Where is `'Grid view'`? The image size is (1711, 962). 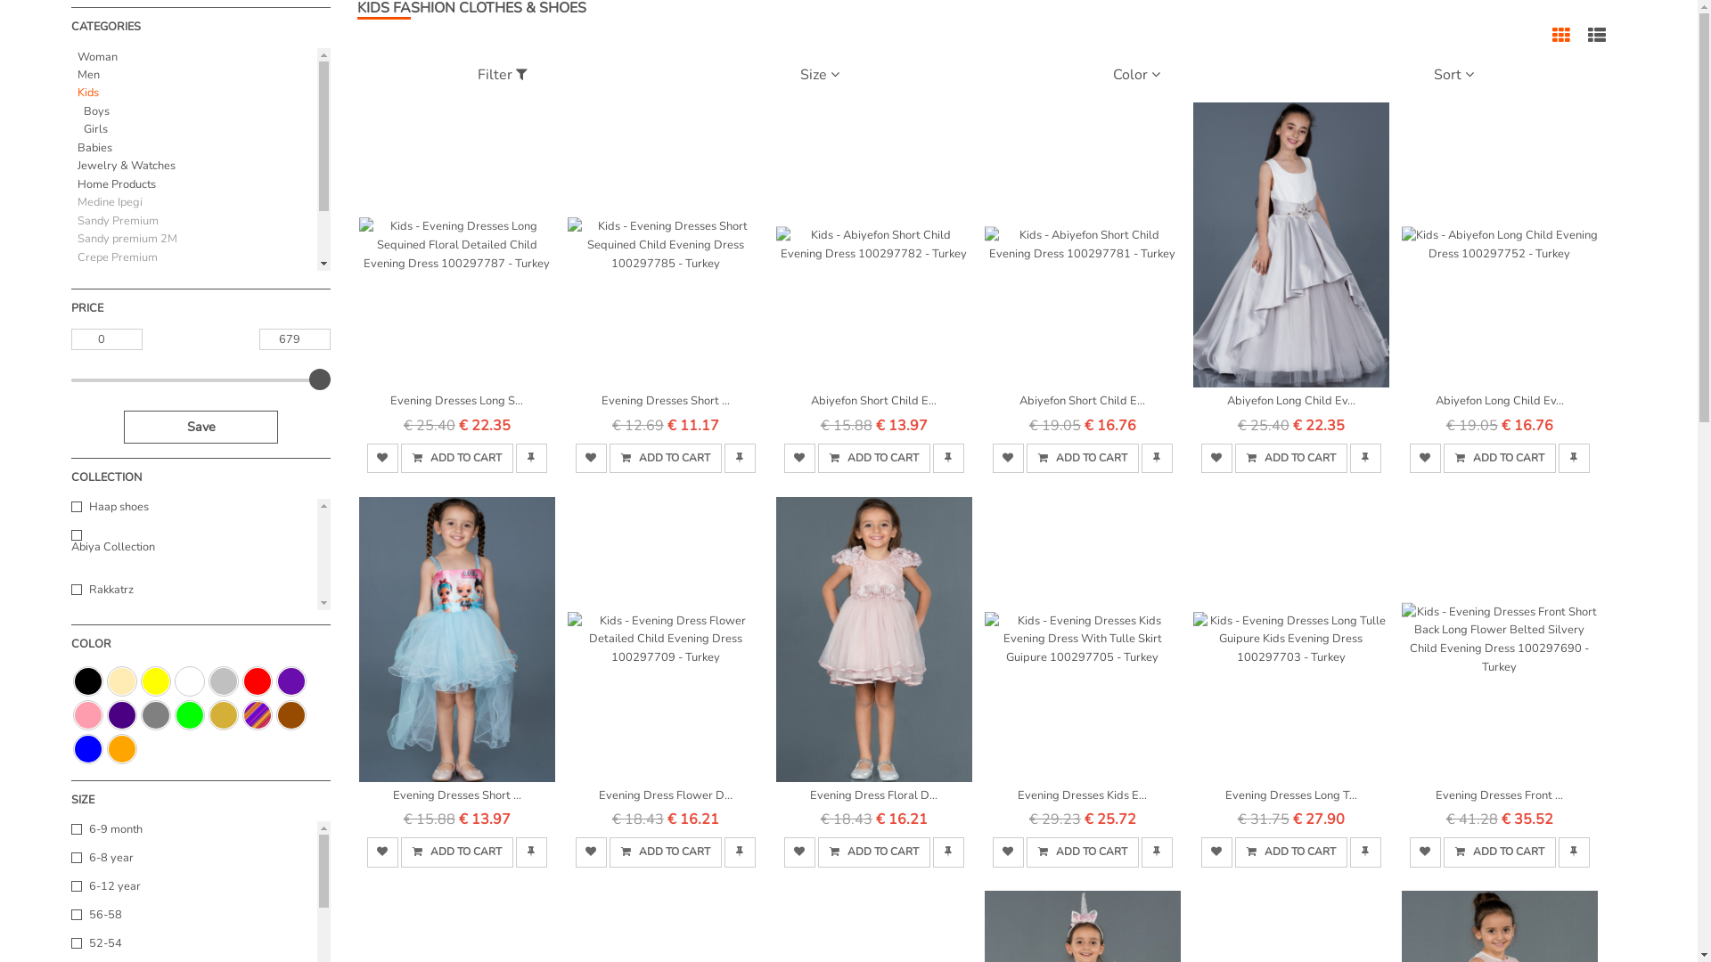
'Grid view' is located at coordinates (1560, 37).